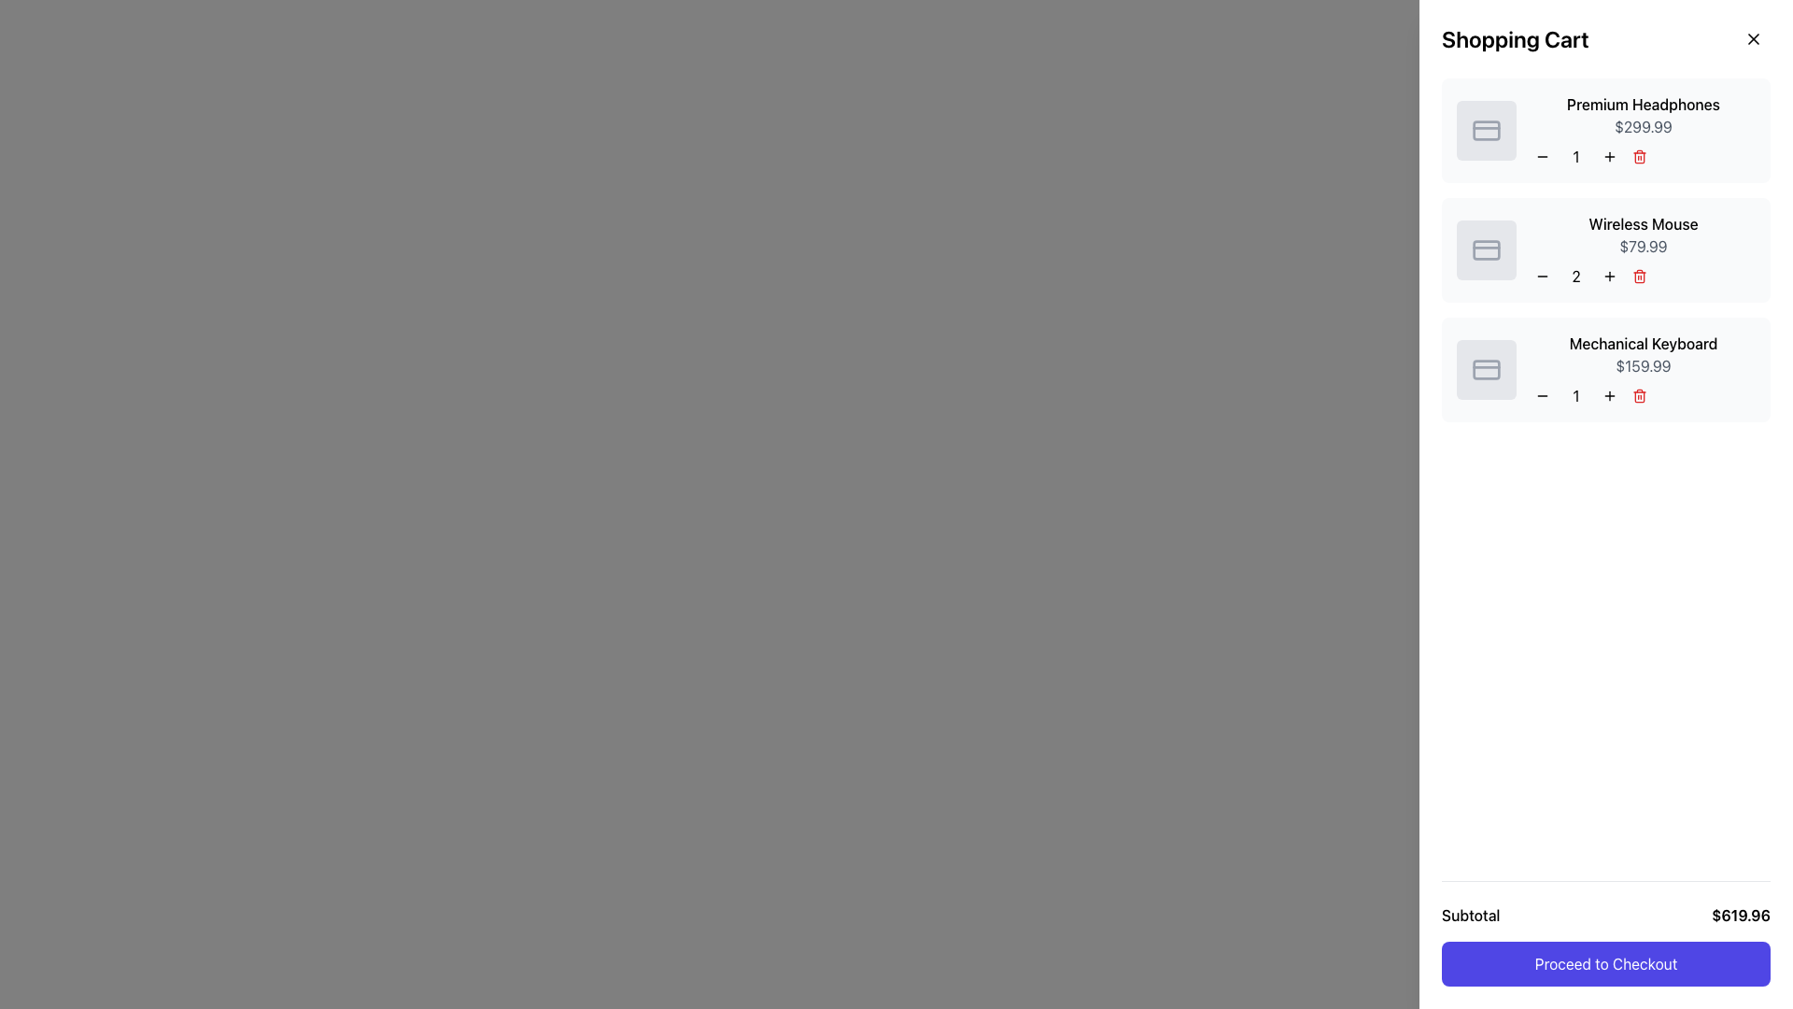 The width and height of the screenshot is (1793, 1009). What do you see at coordinates (1542, 277) in the screenshot?
I see `the decrease quantity button for the 'Wireless Mouse' item in the shopping cart` at bounding box center [1542, 277].